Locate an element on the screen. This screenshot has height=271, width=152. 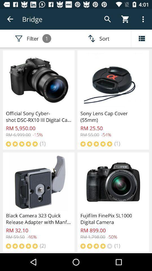
icon above filter is located at coordinates (10, 19).